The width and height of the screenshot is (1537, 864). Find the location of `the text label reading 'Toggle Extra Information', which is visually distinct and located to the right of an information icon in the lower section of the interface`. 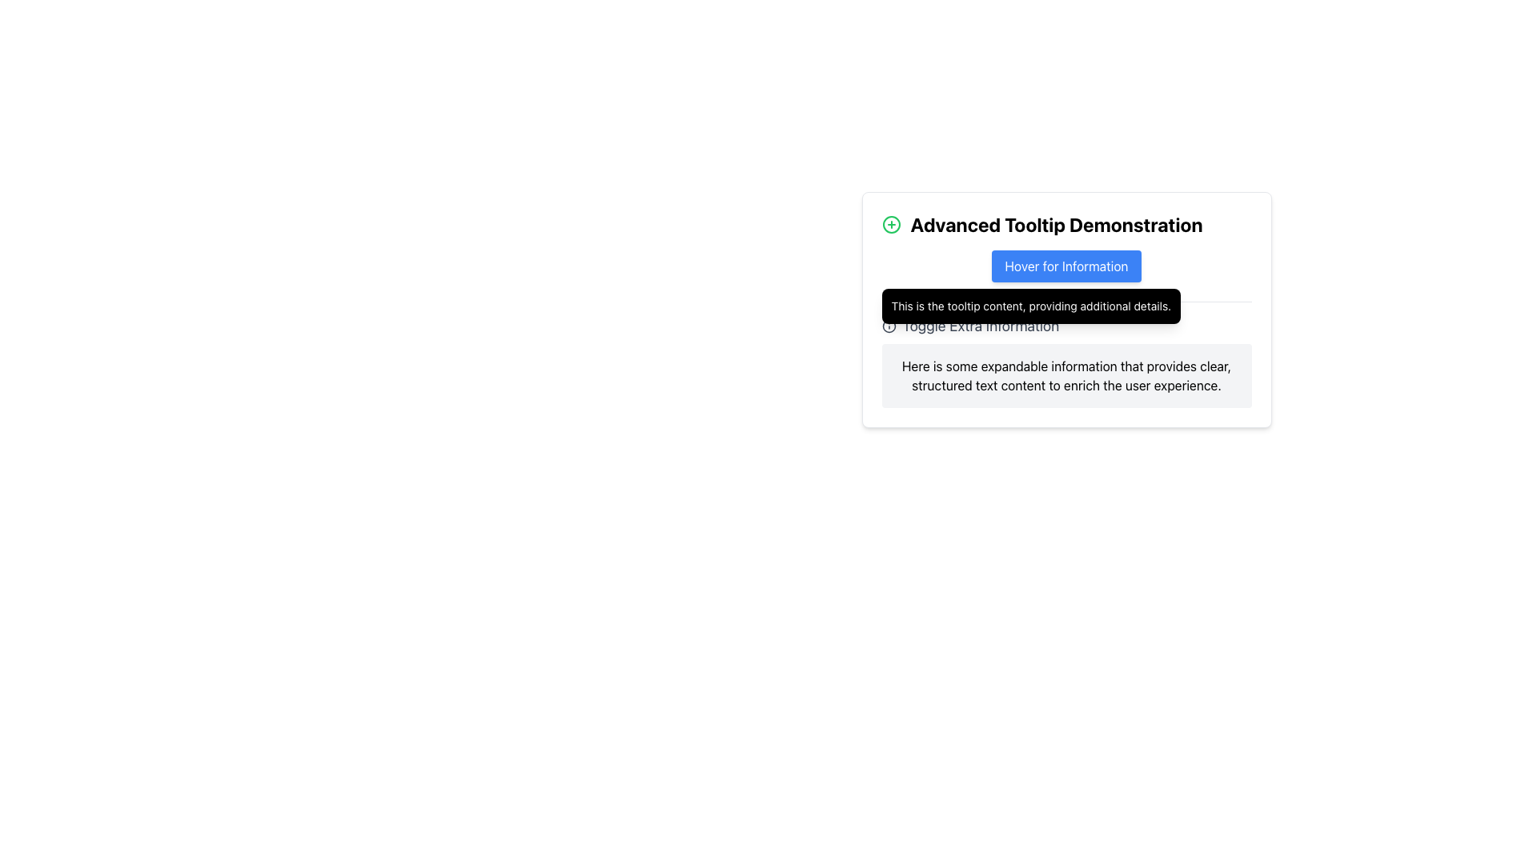

the text label reading 'Toggle Extra Information', which is visually distinct and located to the right of an information icon in the lower section of the interface is located at coordinates (980, 326).